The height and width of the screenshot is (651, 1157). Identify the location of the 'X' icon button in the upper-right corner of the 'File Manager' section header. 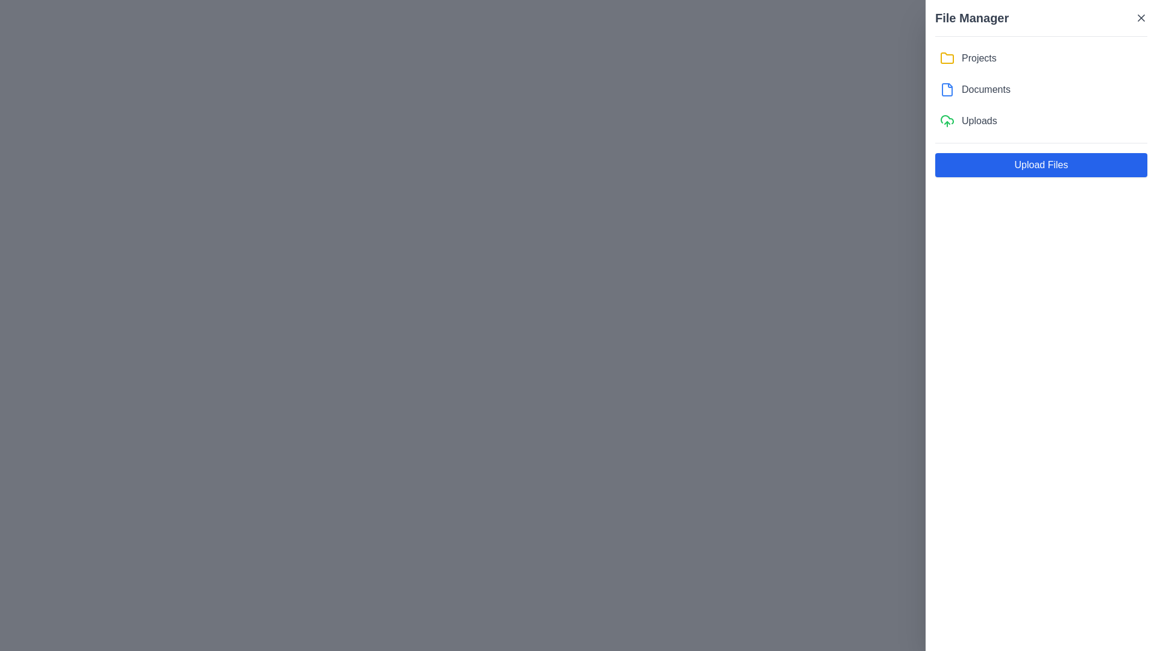
(1141, 18).